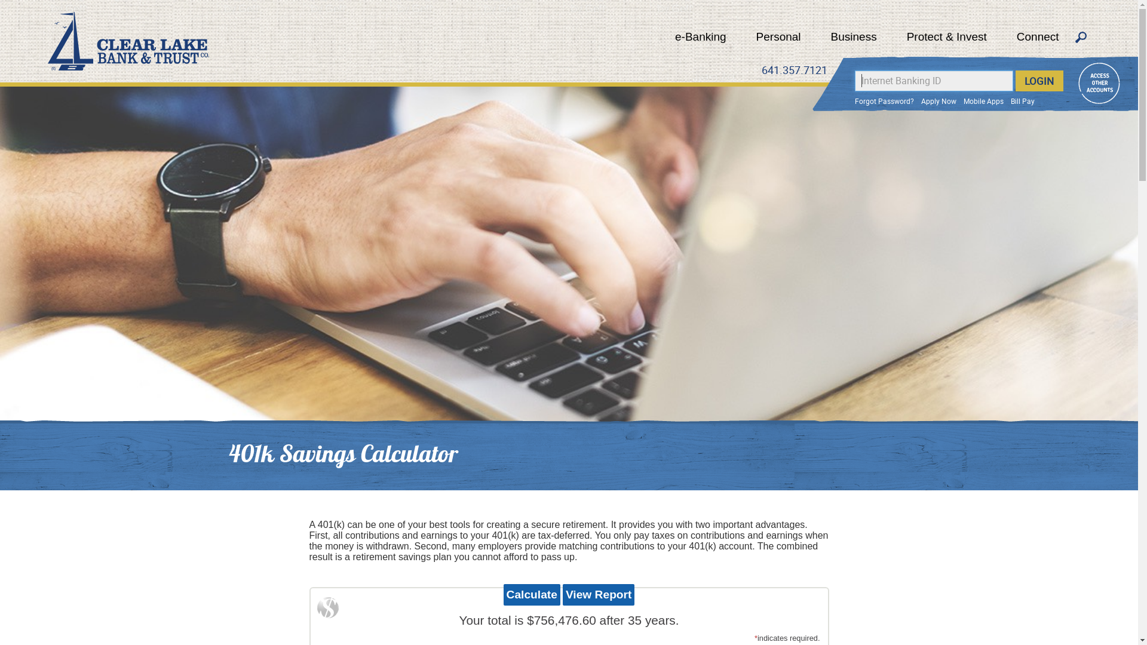  I want to click on 'Forgot Password?, so click(884, 100).